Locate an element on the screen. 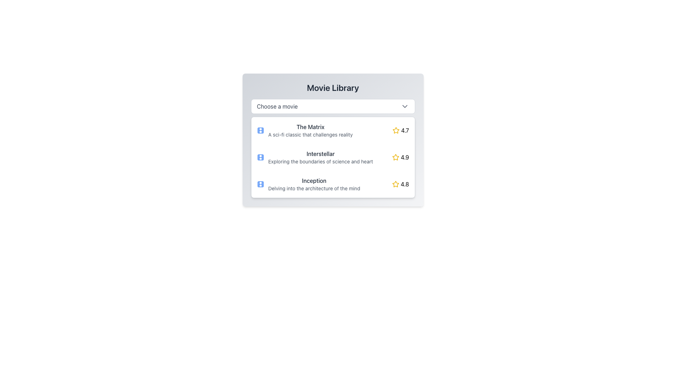 Image resolution: width=679 pixels, height=382 pixels. the movie category icon located directly to the left of the text 'Inception' in the third row of the movie list is located at coordinates (260, 184).